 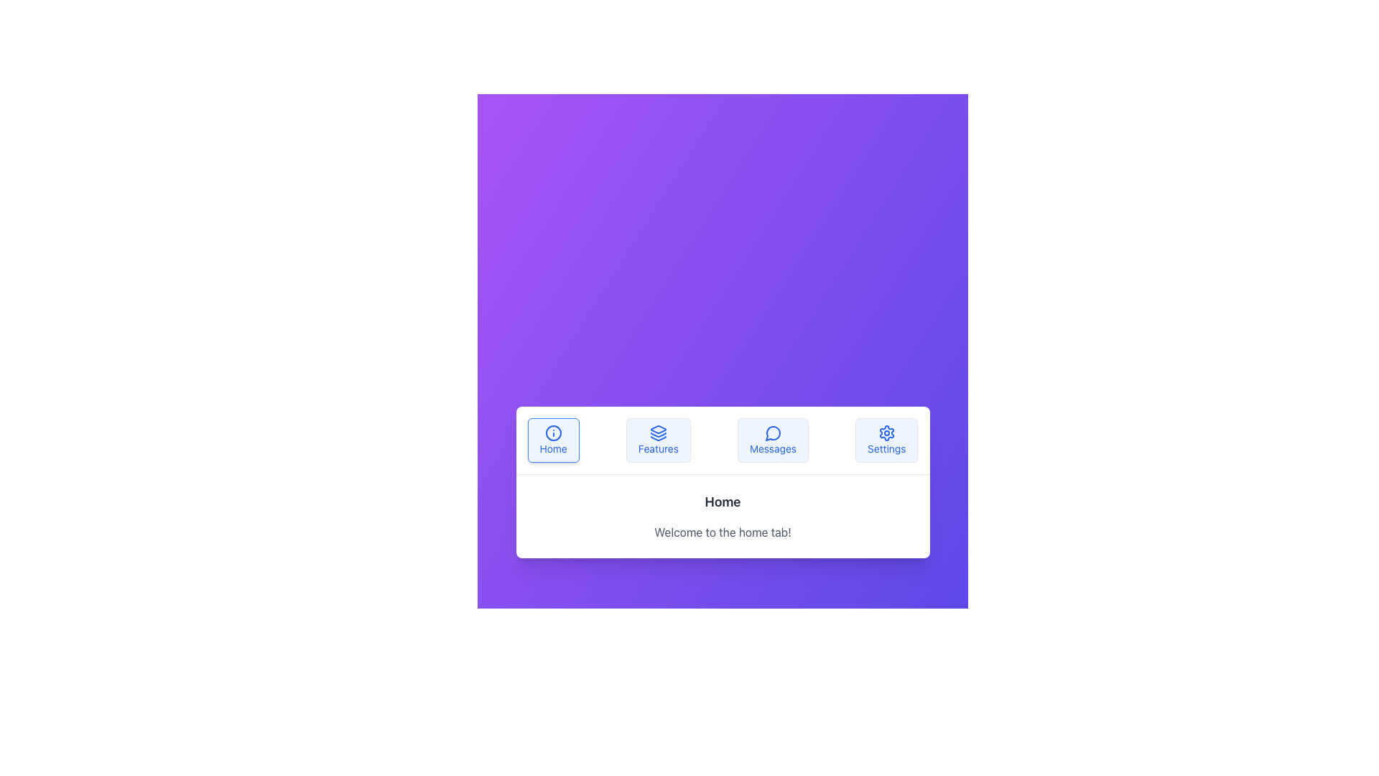 I want to click on the 'Settings' label, which is styled in blue and located at the bottom area underneath the gear icon in the button component on the far-right of the horizontal menu bar, so click(x=886, y=448).